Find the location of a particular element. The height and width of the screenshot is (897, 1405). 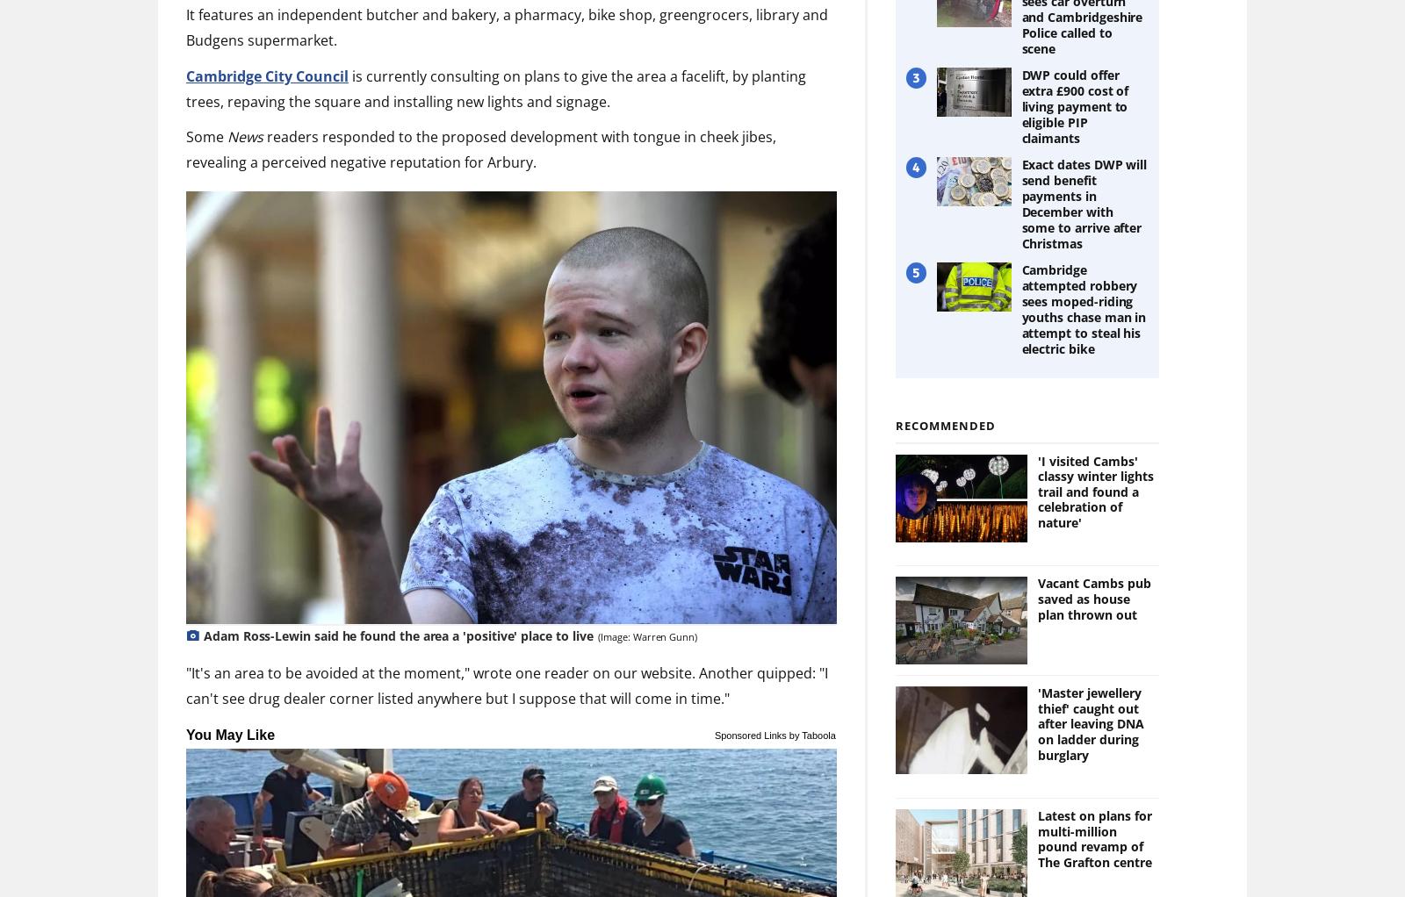

'Latest on plans for multi-million pound revamp of The Grafton centre' is located at coordinates (1093, 837).